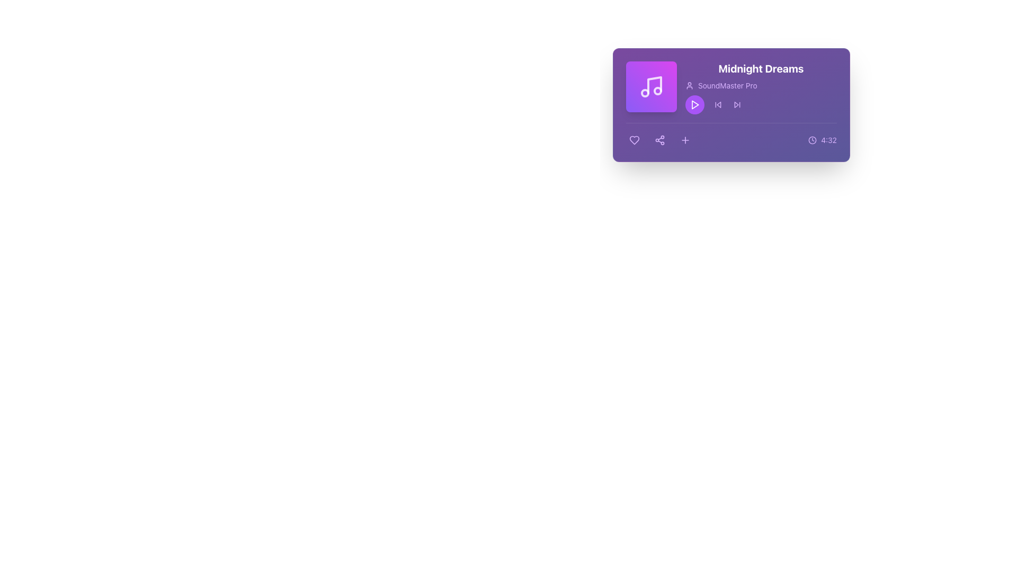  What do you see at coordinates (828, 140) in the screenshot?
I see `the text label displaying '4:32' which is styled in a compact font and located adjacent to a clock icon on a purple background in the lower-right corner of the 'Midnight Dreams' card` at bounding box center [828, 140].